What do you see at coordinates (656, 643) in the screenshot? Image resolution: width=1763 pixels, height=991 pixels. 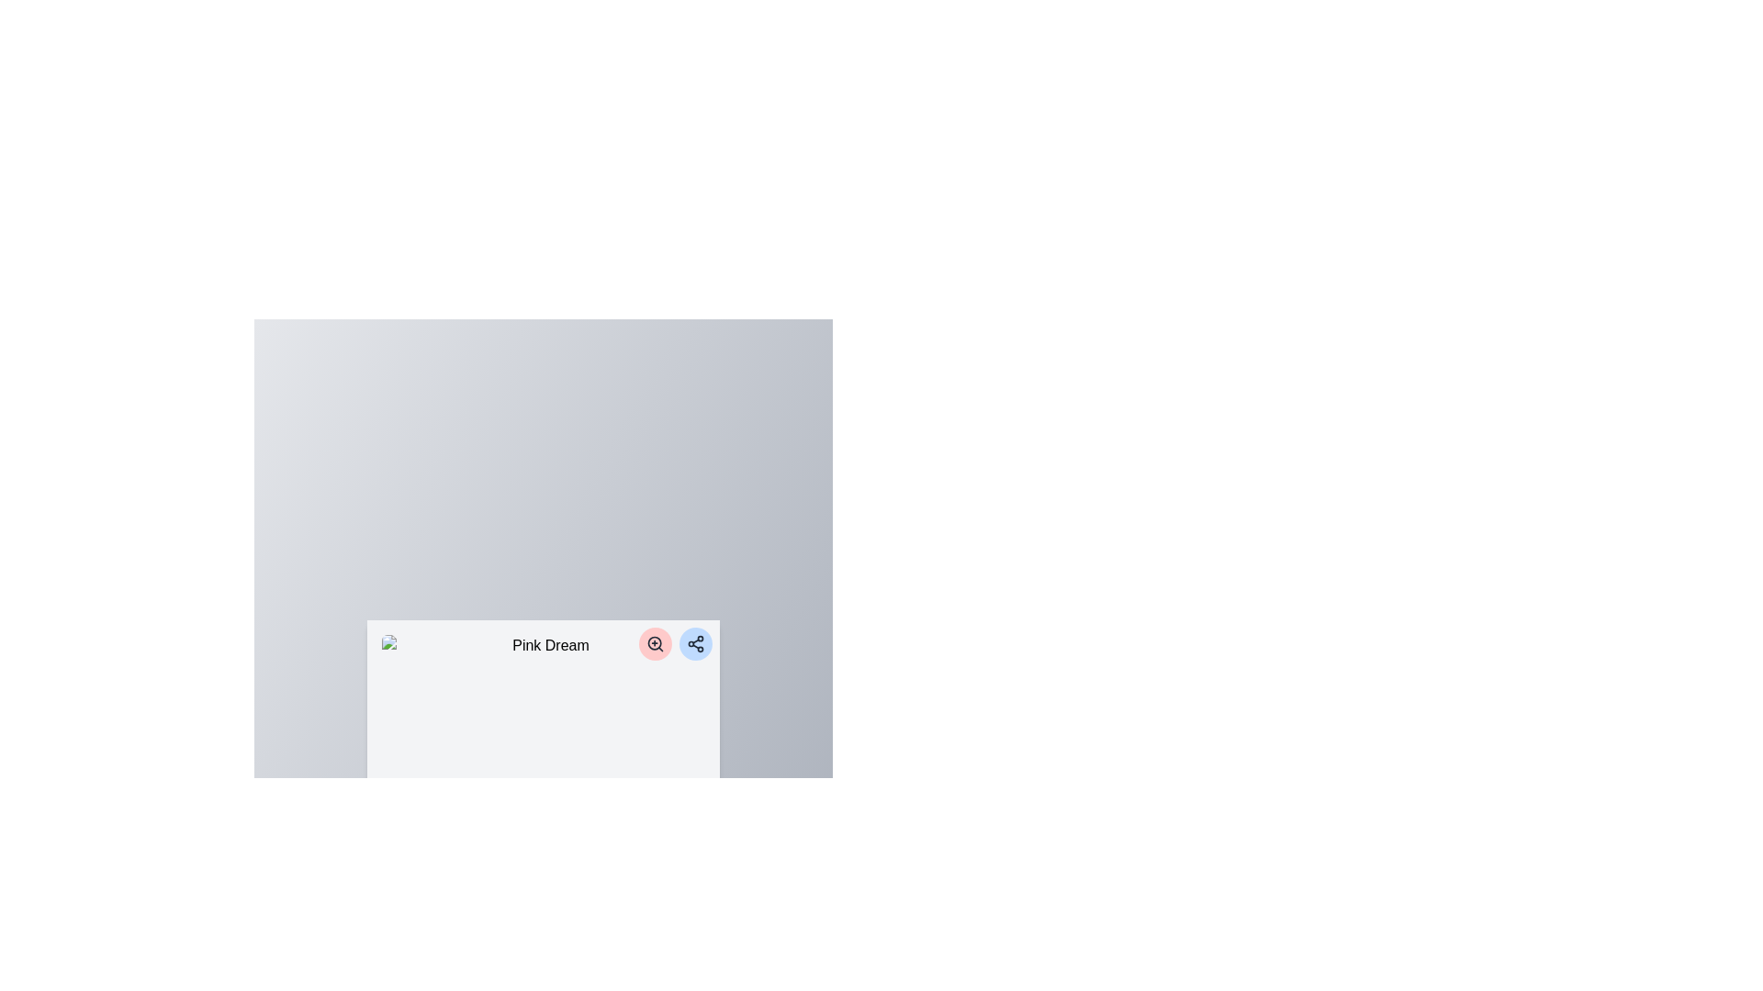 I see `the circular red button with a magnifying glass icon located in the top right corner of the 'Pink Dream' section` at bounding box center [656, 643].